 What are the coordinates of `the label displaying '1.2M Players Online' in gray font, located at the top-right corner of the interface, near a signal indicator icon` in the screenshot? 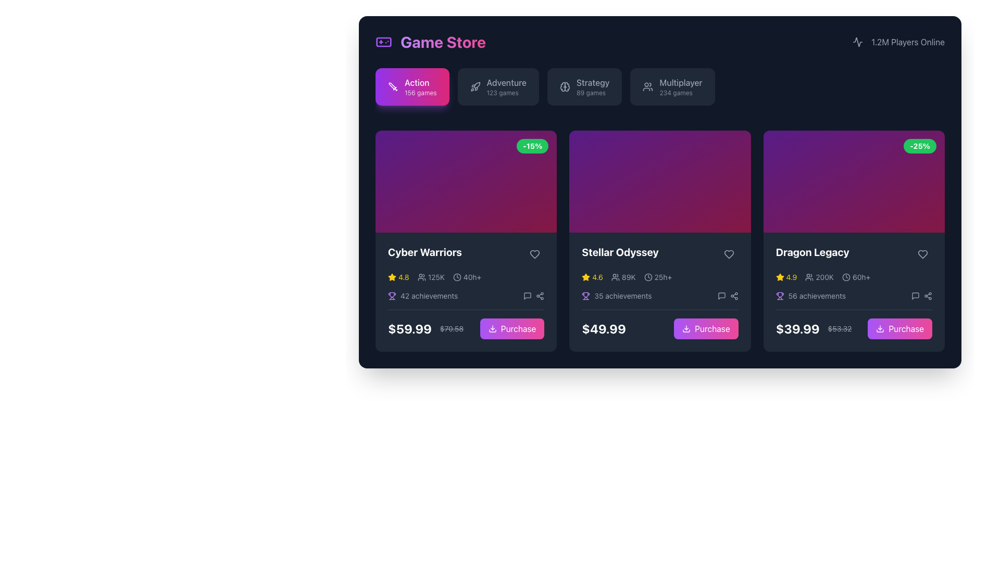 It's located at (907, 42).